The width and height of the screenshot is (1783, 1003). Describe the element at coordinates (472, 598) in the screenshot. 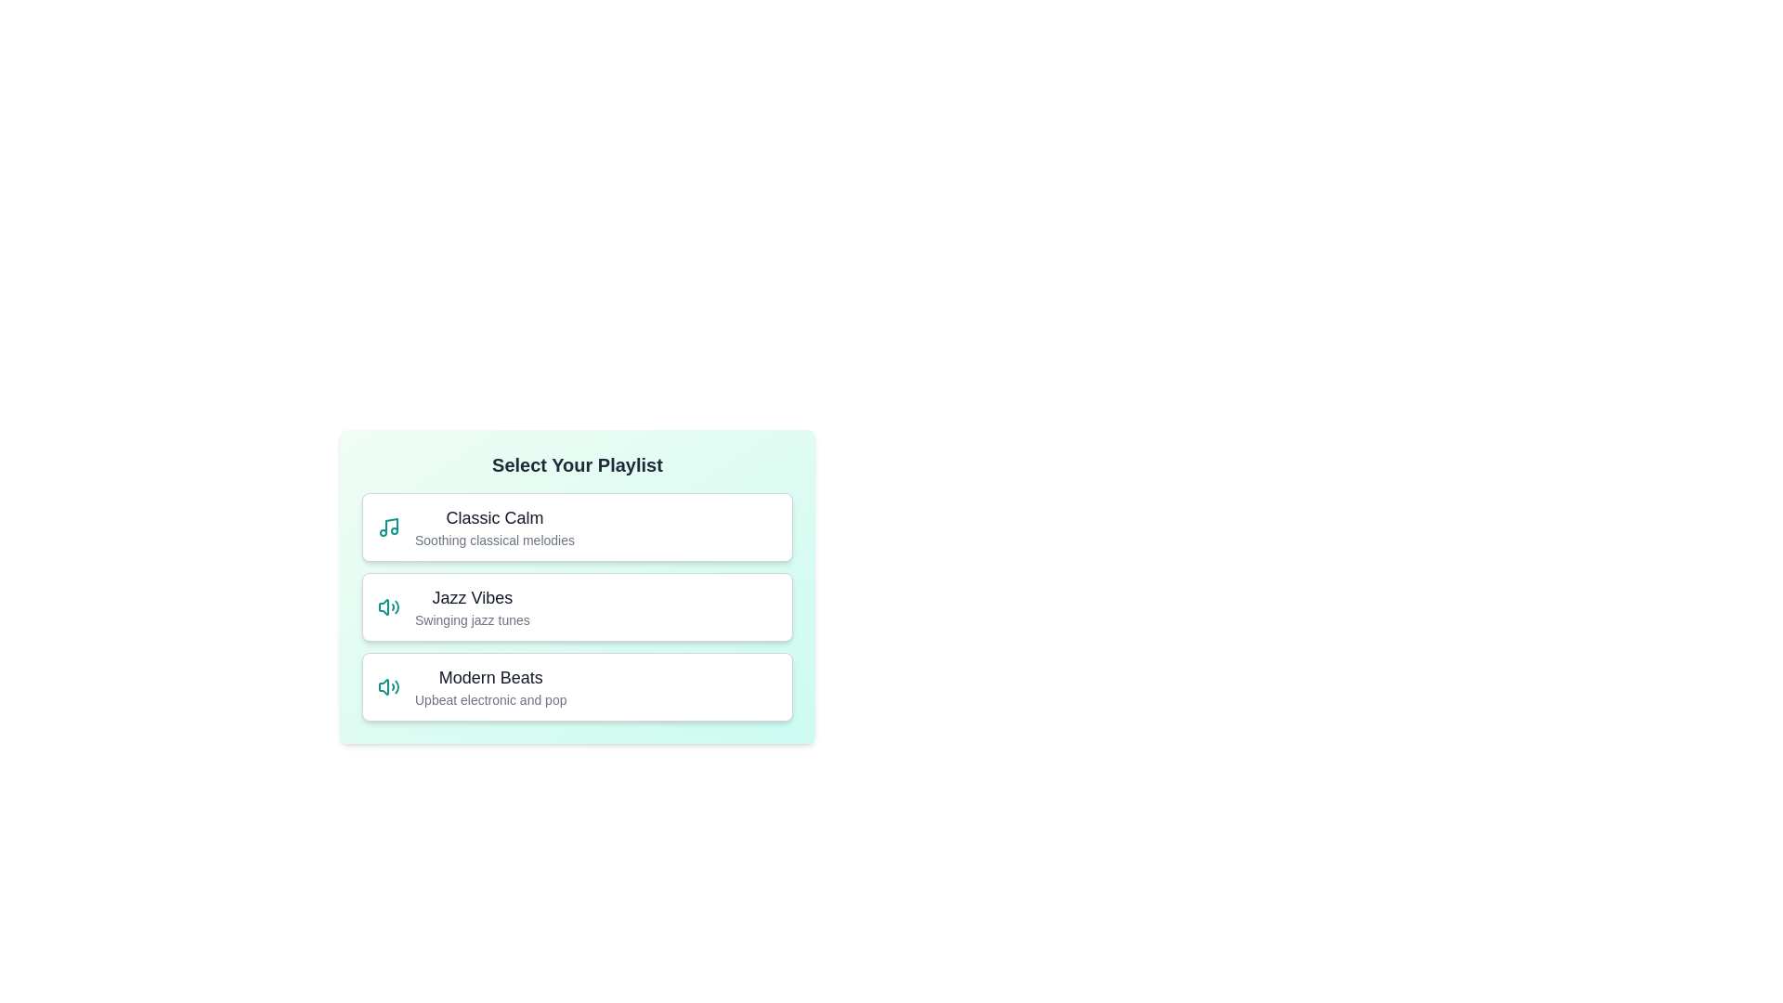

I see `the text label that serves as the title for the second playlist, positioned between 'Classic Calm' and 'Modern Beats'` at that location.